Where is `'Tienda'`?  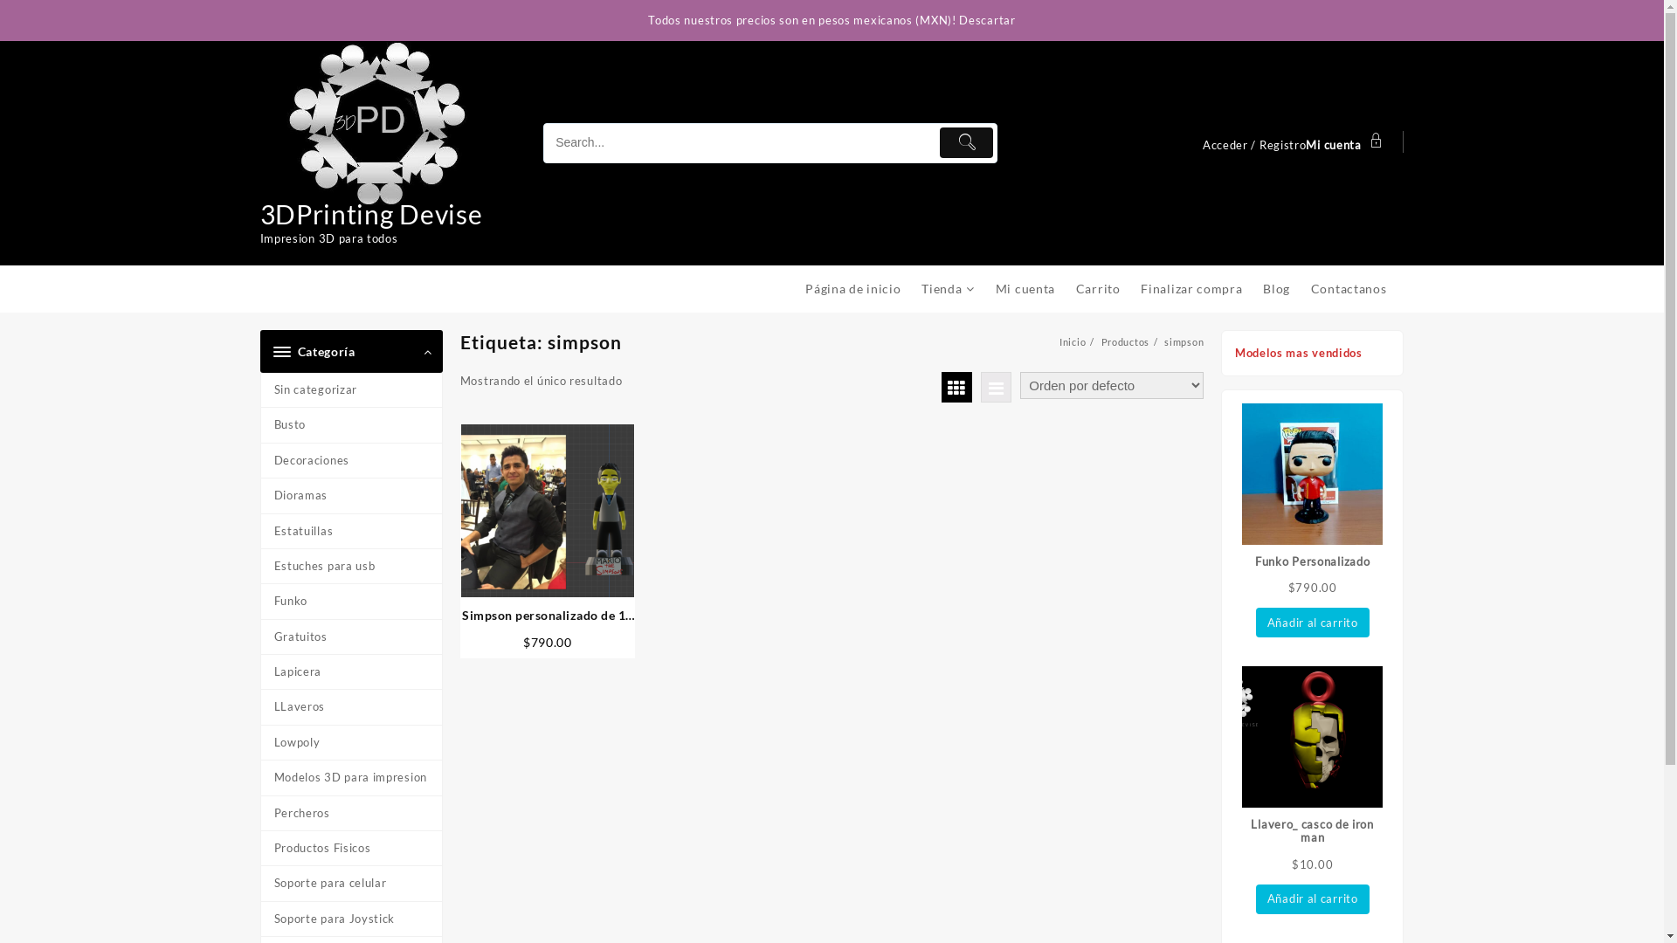 'Tienda' is located at coordinates (956, 288).